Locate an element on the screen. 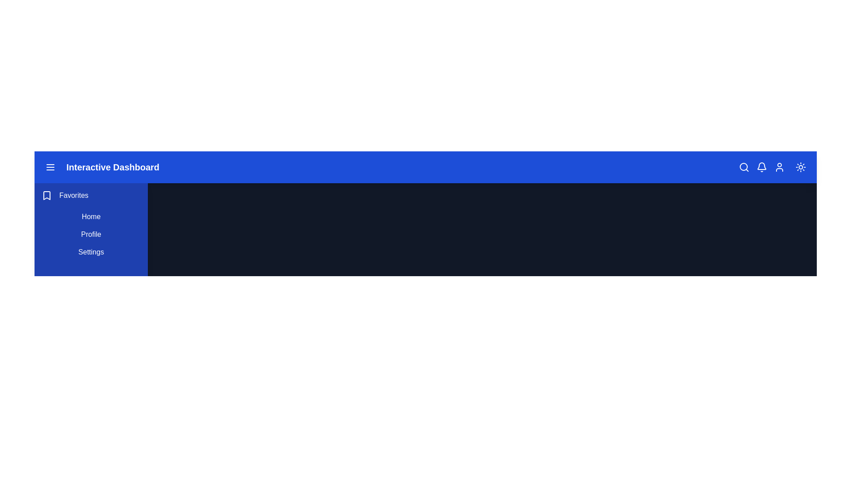 This screenshot has width=850, height=478. menu toggle button located at the top-left corner of the app bar is located at coordinates (50, 167).